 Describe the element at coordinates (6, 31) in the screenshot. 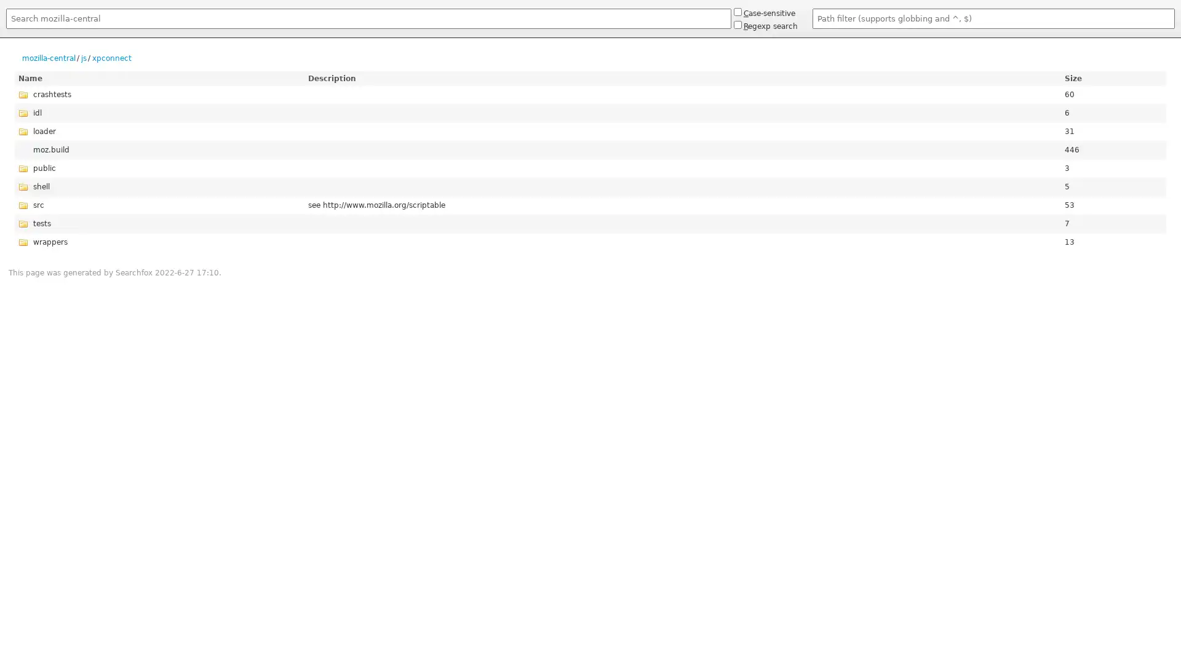

I see `Search` at that location.